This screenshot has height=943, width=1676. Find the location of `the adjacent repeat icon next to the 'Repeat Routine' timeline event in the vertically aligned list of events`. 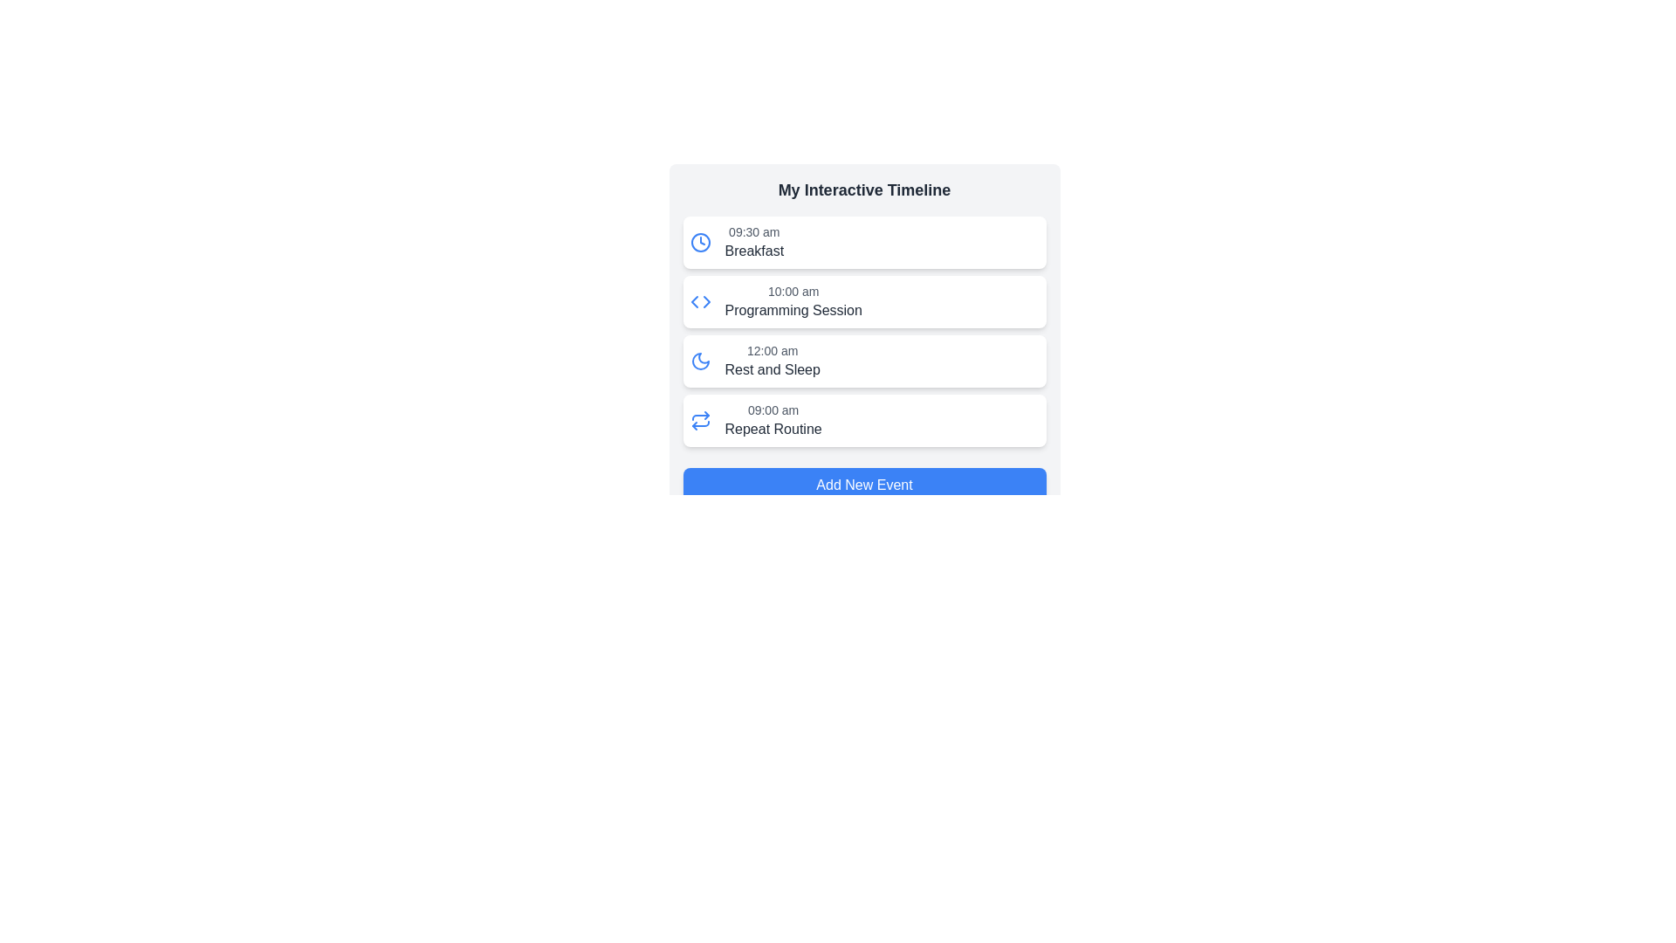

the adjacent repeat icon next to the 'Repeat Routine' timeline event in the vertically aligned list of events is located at coordinates (773, 421).